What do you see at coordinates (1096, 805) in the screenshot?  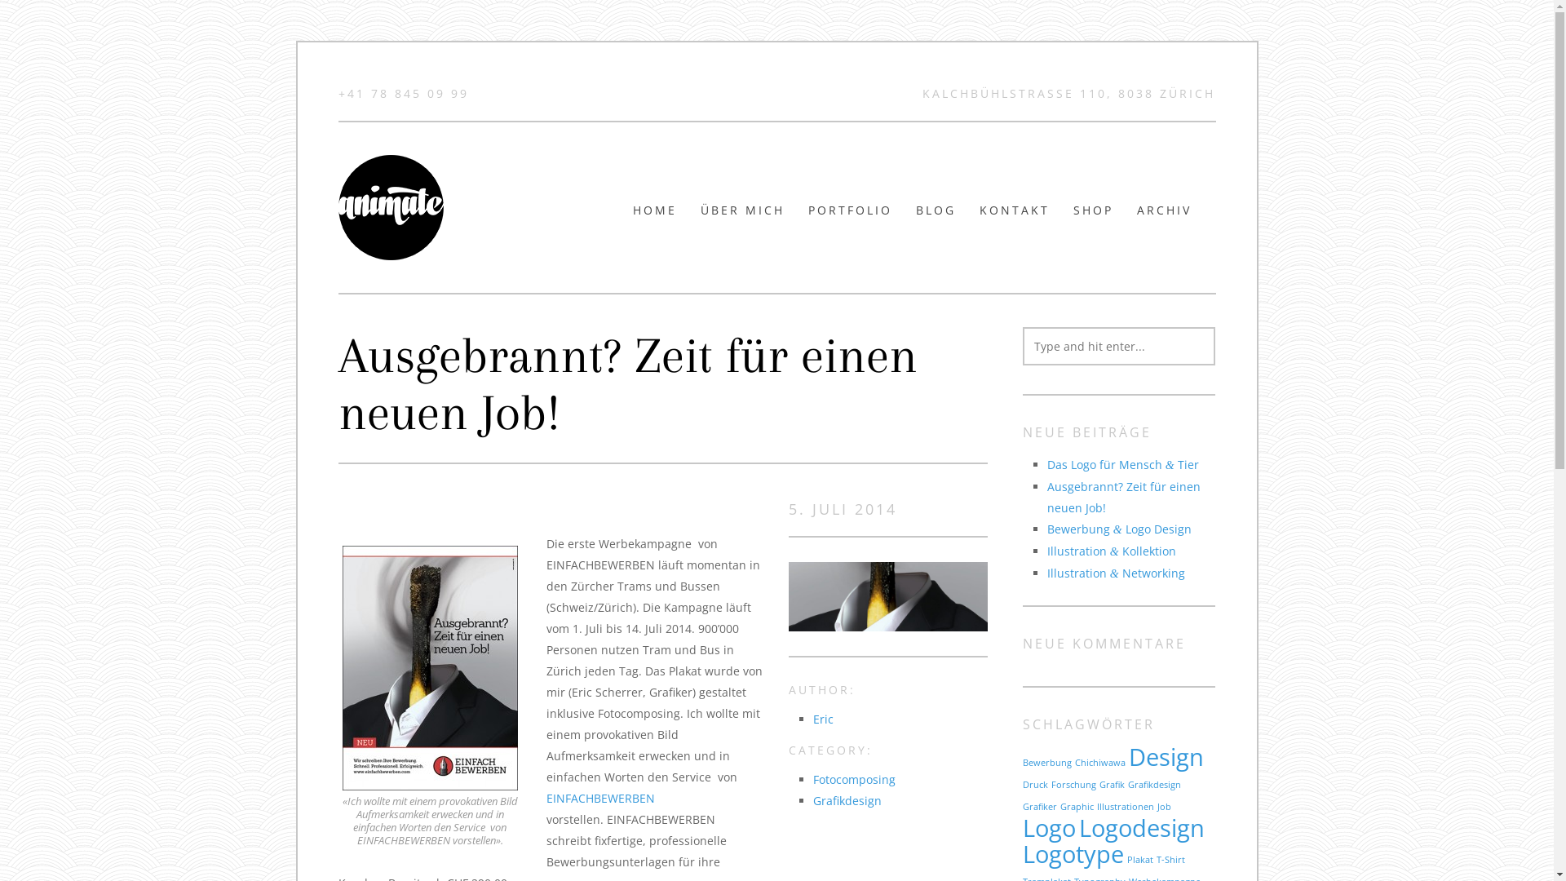 I see `'Illustrationen'` at bounding box center [1096, 805].